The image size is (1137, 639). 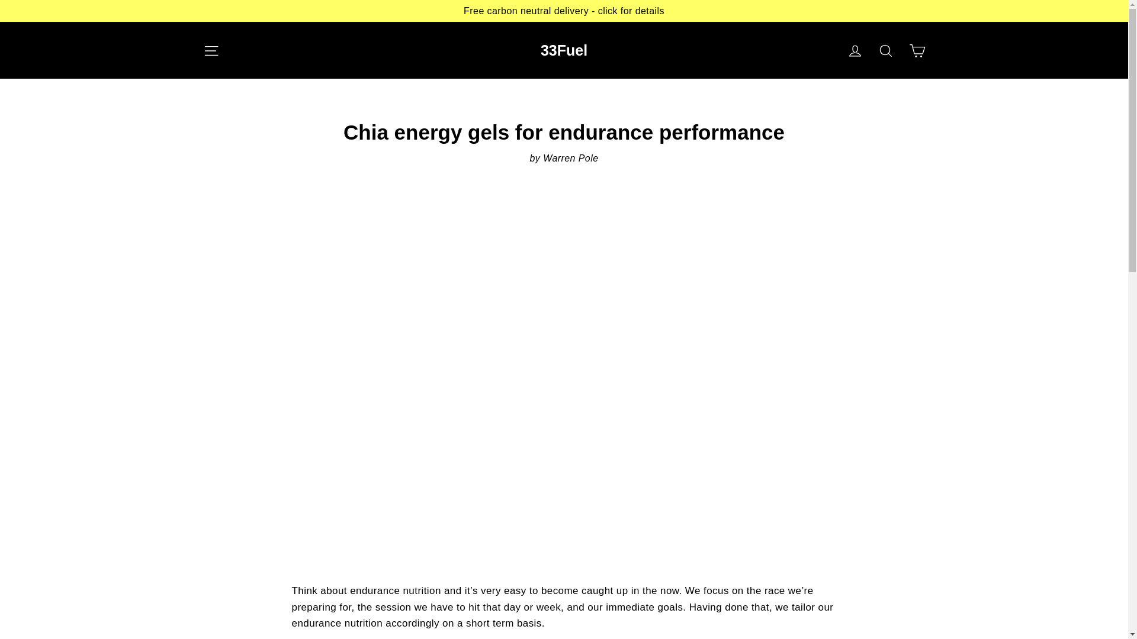 I want to click on '33Fuel', so click(x=563, y=49).